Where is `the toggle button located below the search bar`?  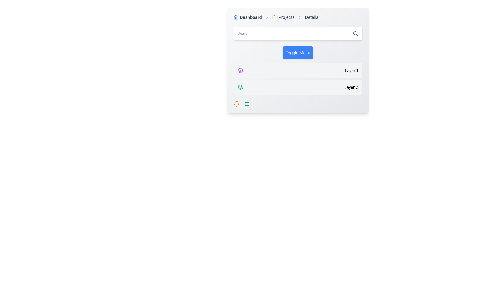
the toggle button located below the search bar is located at coordinates (298, 52).